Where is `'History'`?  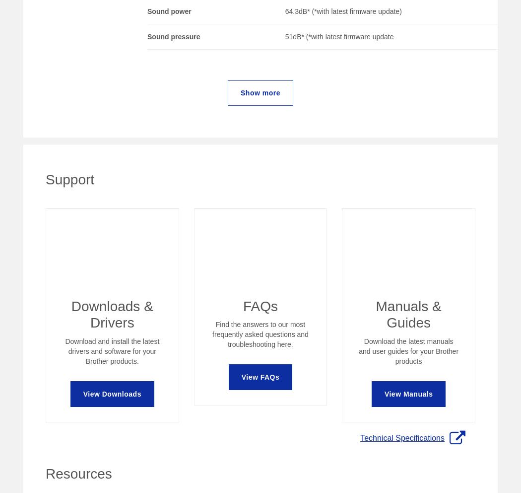
'History' is located at coordinates (238, 272).